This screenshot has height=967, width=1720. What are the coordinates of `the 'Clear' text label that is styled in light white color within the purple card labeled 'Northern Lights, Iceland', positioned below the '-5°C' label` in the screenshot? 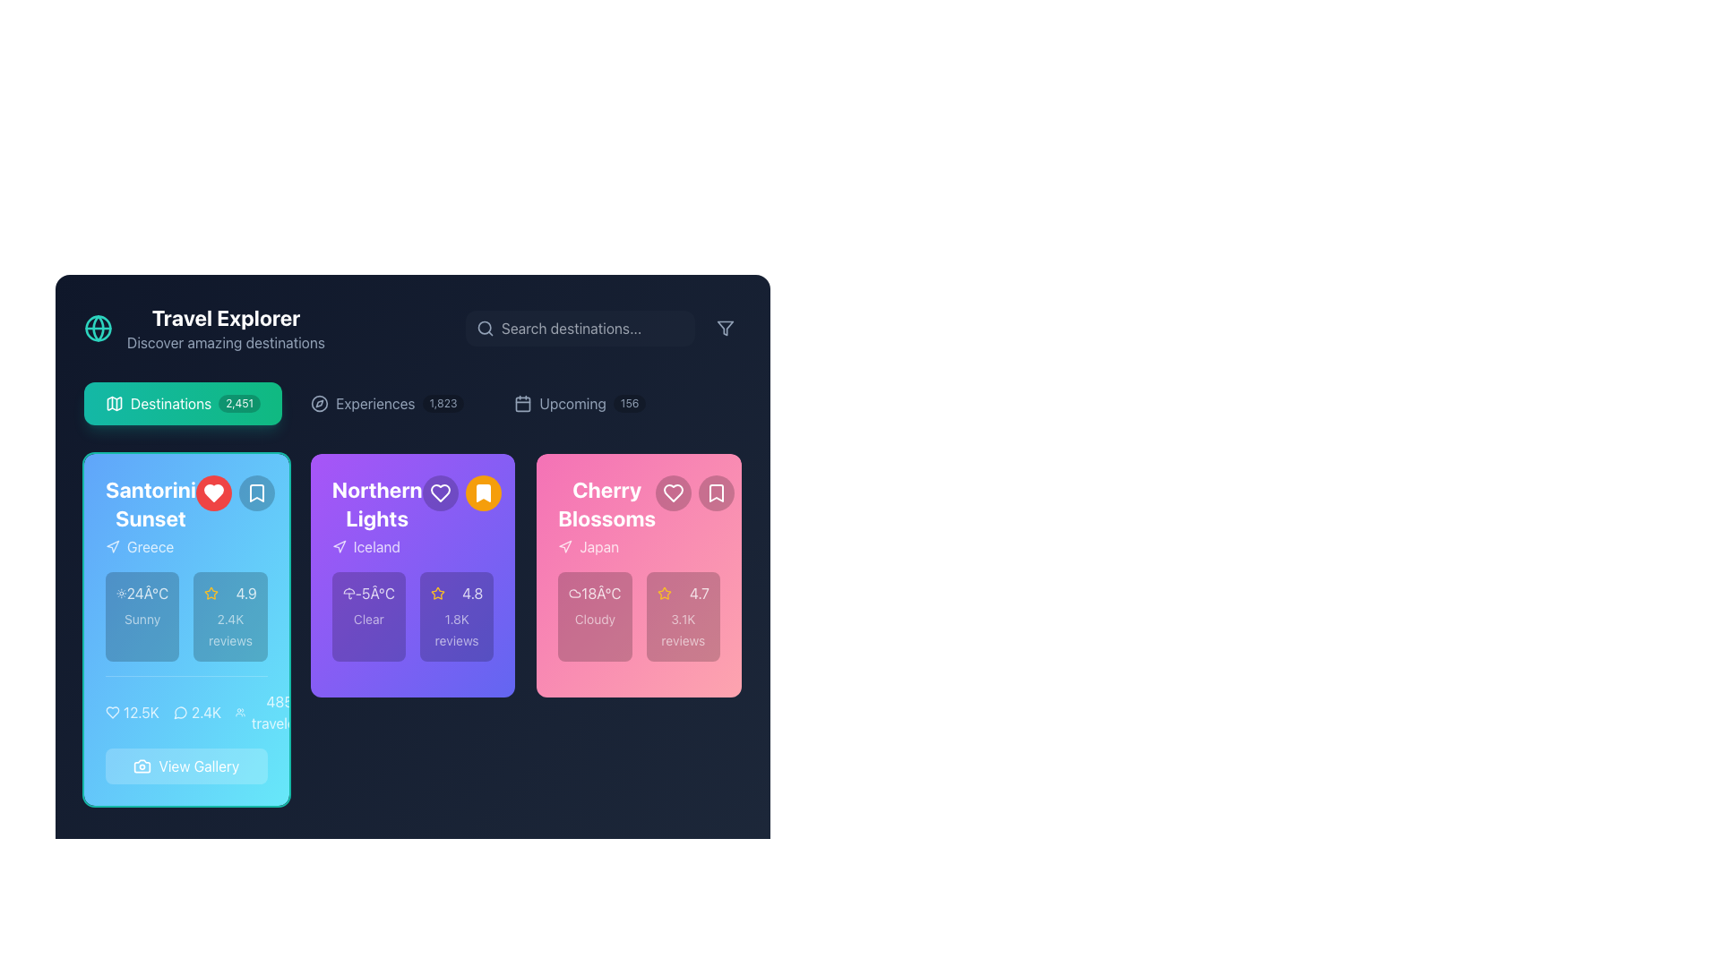 It's located at (367, 618).